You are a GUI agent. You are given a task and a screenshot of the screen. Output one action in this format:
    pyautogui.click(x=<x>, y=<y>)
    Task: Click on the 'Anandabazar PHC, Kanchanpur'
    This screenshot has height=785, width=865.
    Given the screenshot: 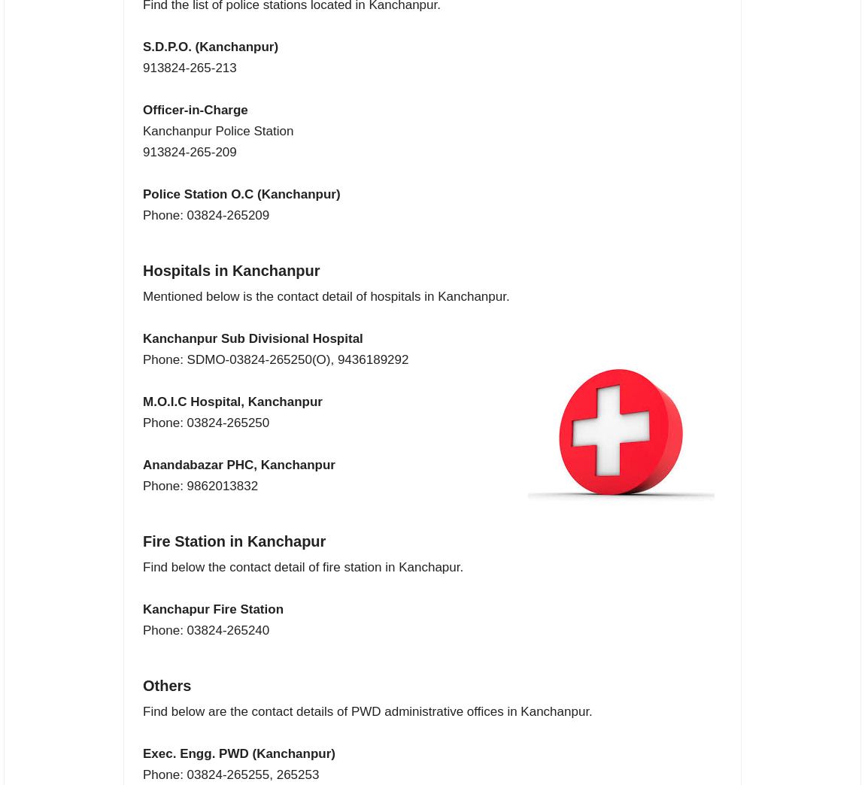 What is the action you would take?
    pyautogui.click(x=238, y=465)
    